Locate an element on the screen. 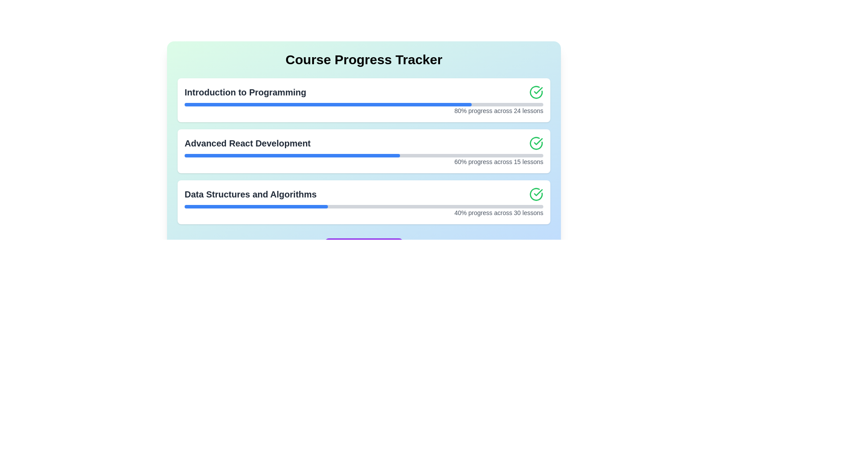  the Progress Bar indicating 80% completion for the course 'Introduction to Programming', located directly under the course title is located at coordinates (364, 104).